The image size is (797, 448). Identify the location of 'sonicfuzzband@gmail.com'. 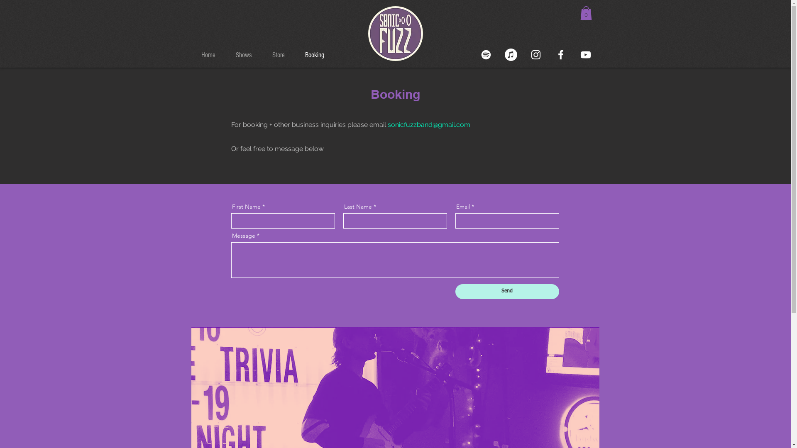
(429, 124).